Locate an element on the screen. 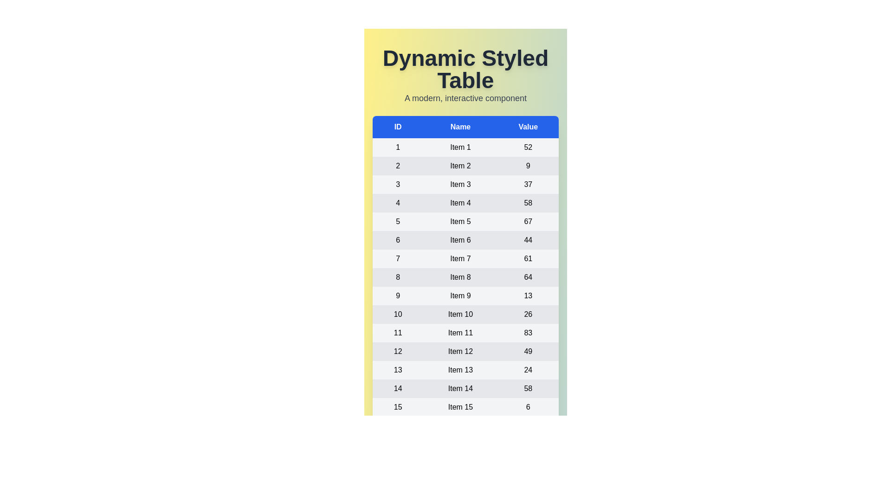 The width and height of the screenshot is (891, 501). the Name table header to sort the table by that column is located at coordinates (460, 127).